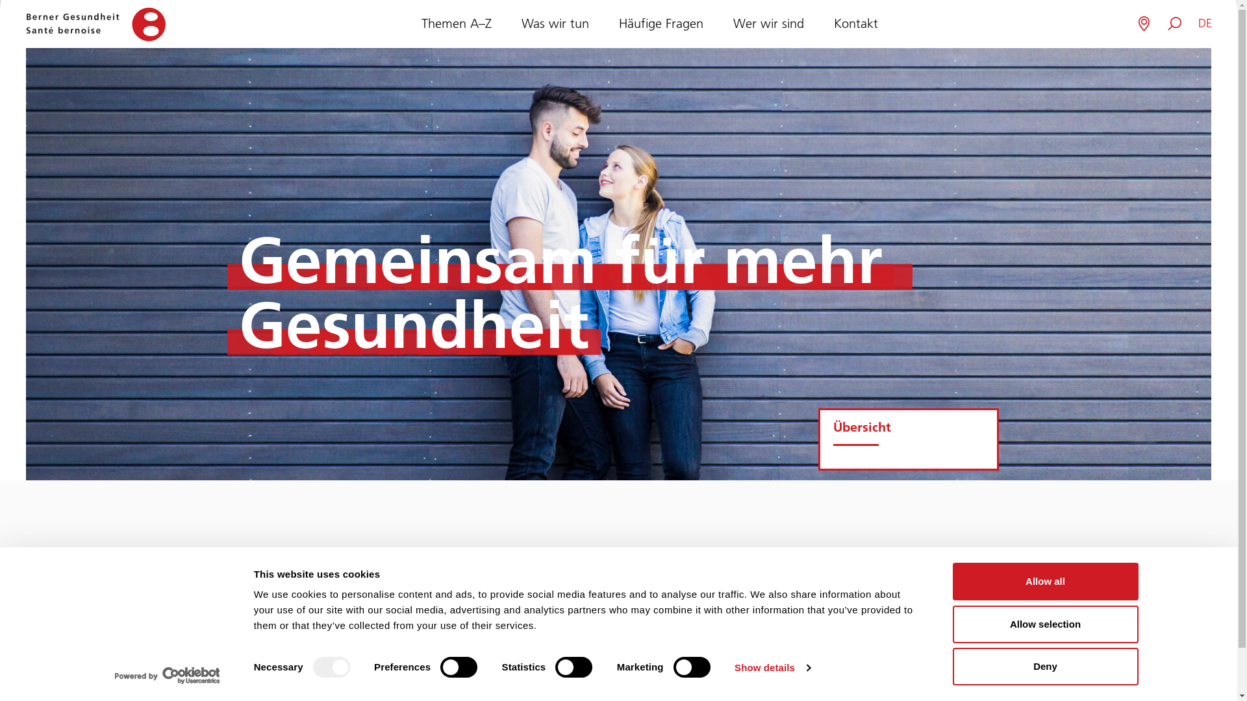 Image resolution: width=1247 pixels, height=701 pixels. Describe the element at coordinates (768, 23) in the screenshot. I see `'Wer wir sind'` at that location.